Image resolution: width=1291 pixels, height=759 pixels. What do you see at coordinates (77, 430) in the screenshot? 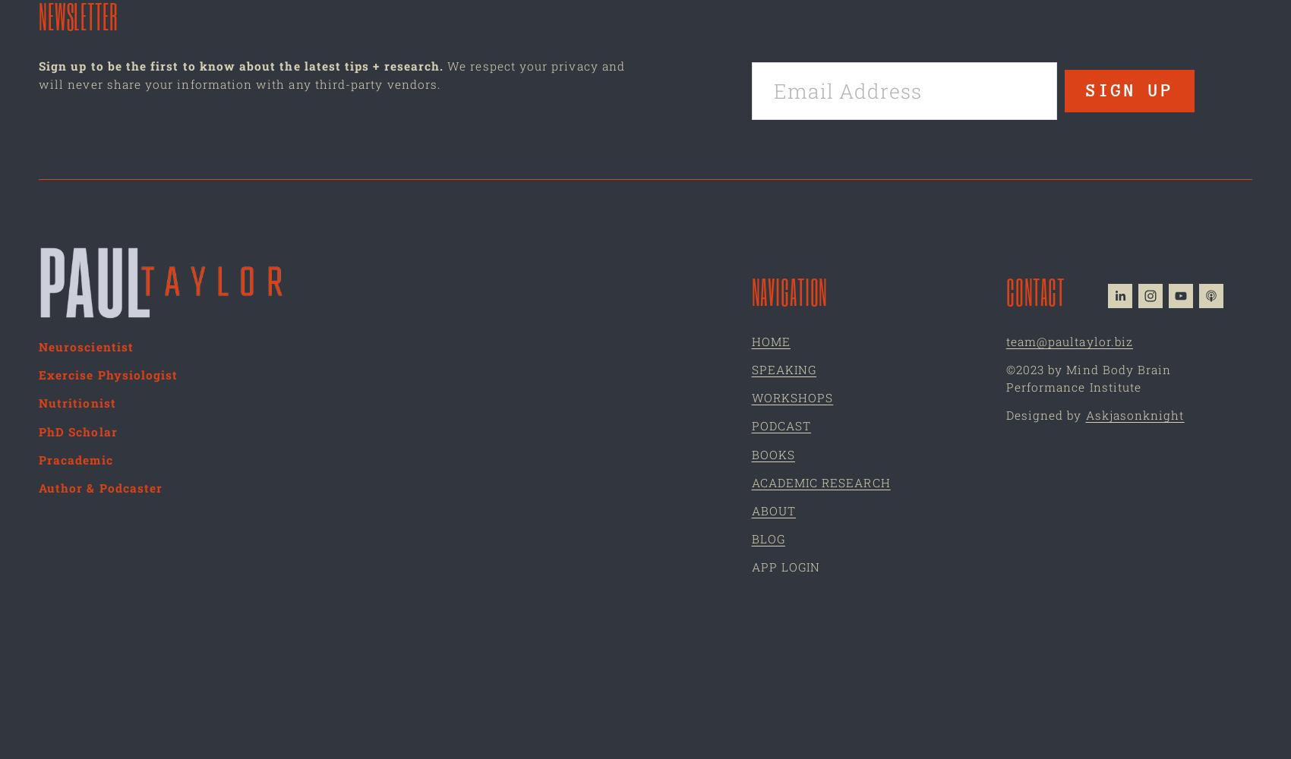
I see `'PhD Scholar'` at bounding box center [77, 430].